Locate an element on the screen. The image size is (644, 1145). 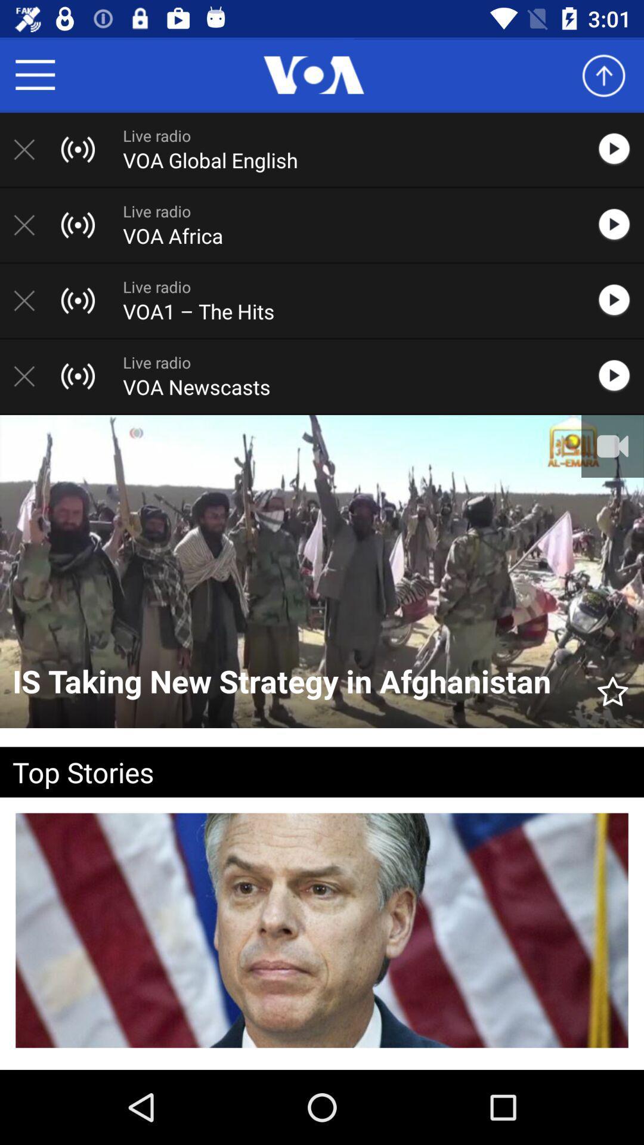
play is located at coordinates (620, 148).